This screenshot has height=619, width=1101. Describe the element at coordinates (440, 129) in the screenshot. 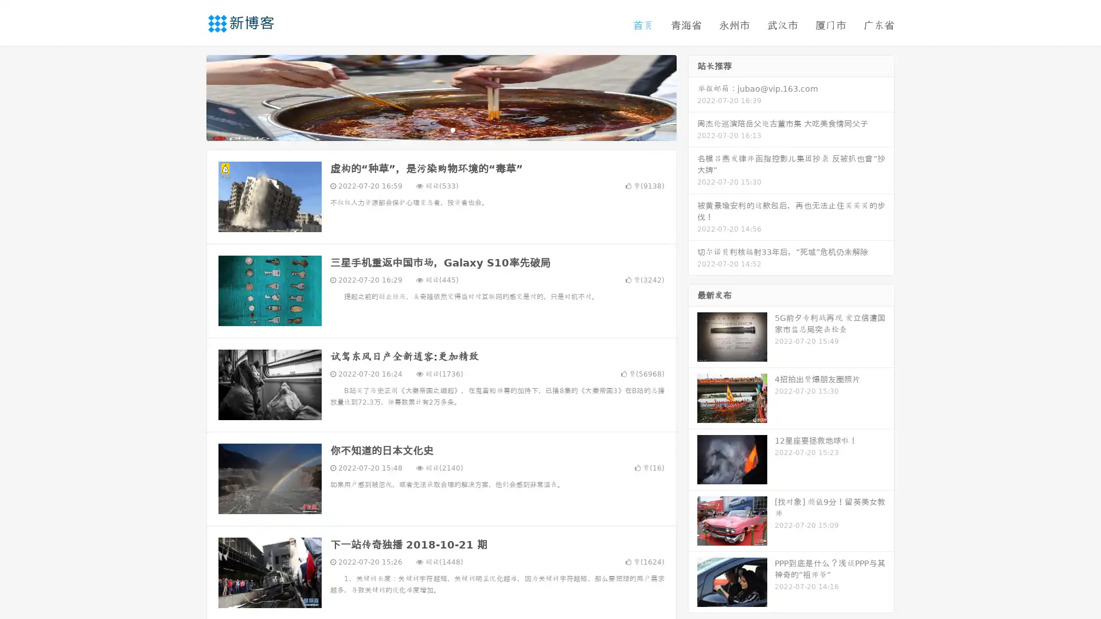

I see `Go to slide 2` at that location.